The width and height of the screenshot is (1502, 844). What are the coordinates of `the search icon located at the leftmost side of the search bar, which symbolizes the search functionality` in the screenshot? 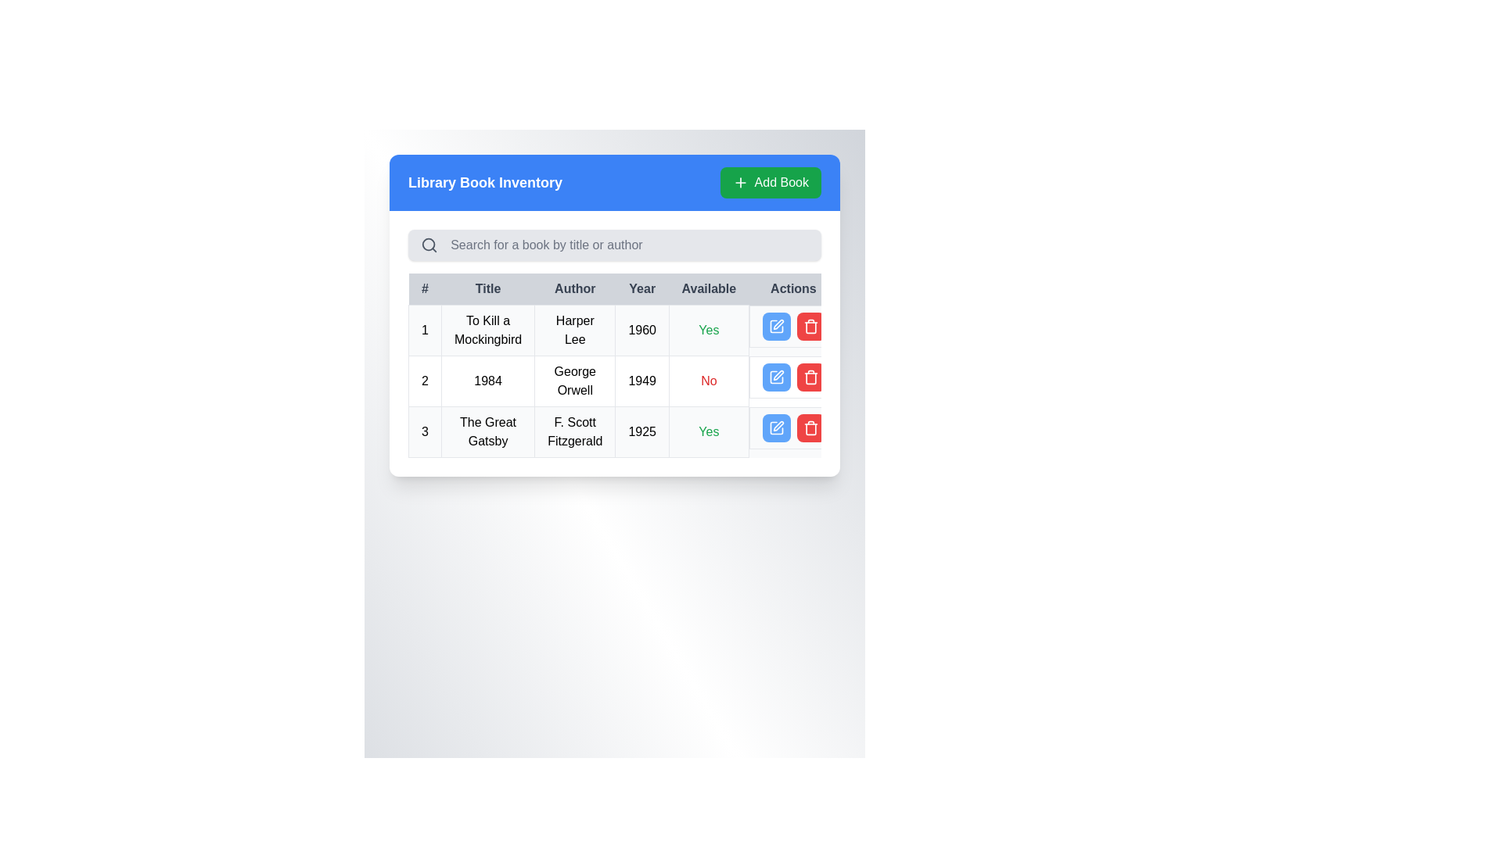 It's located at (429, 245).